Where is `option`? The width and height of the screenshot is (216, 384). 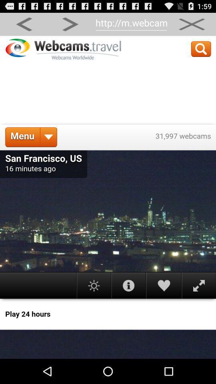 option is located at coordinates (191, 24).